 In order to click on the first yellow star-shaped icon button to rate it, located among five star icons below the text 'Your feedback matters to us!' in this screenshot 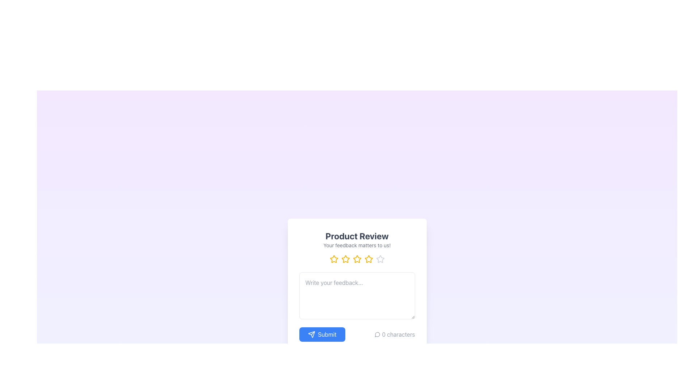, I will do `click(333, 259)`.